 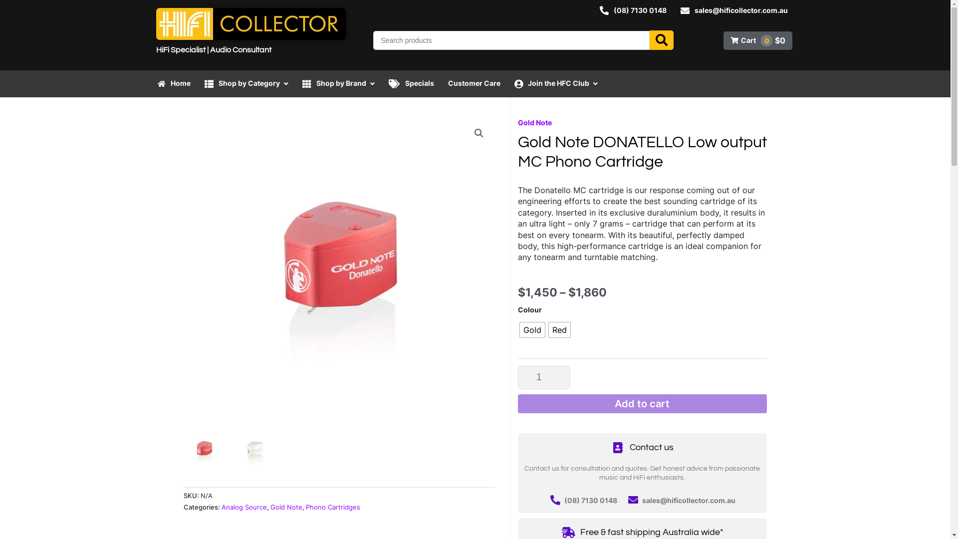 I want to click on 'Add to cart', so click(x=642, y=403).